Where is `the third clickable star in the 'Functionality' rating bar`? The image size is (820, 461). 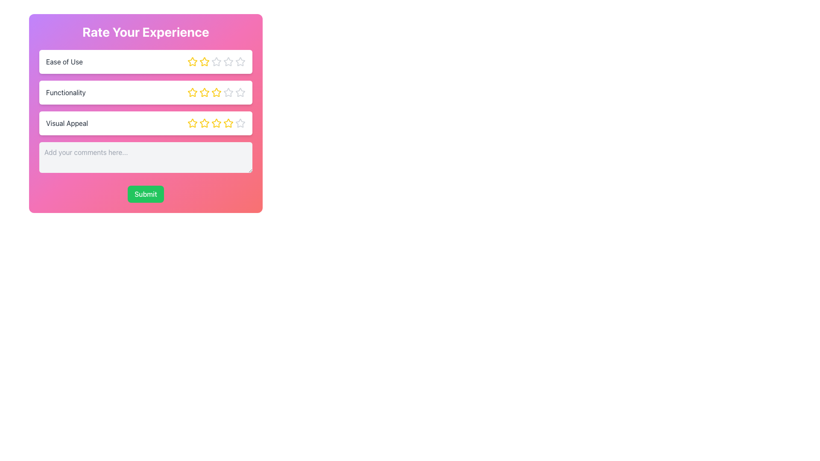
the third clickable star in the 'Functionality' rating bar is located at coordinates (217, 92).